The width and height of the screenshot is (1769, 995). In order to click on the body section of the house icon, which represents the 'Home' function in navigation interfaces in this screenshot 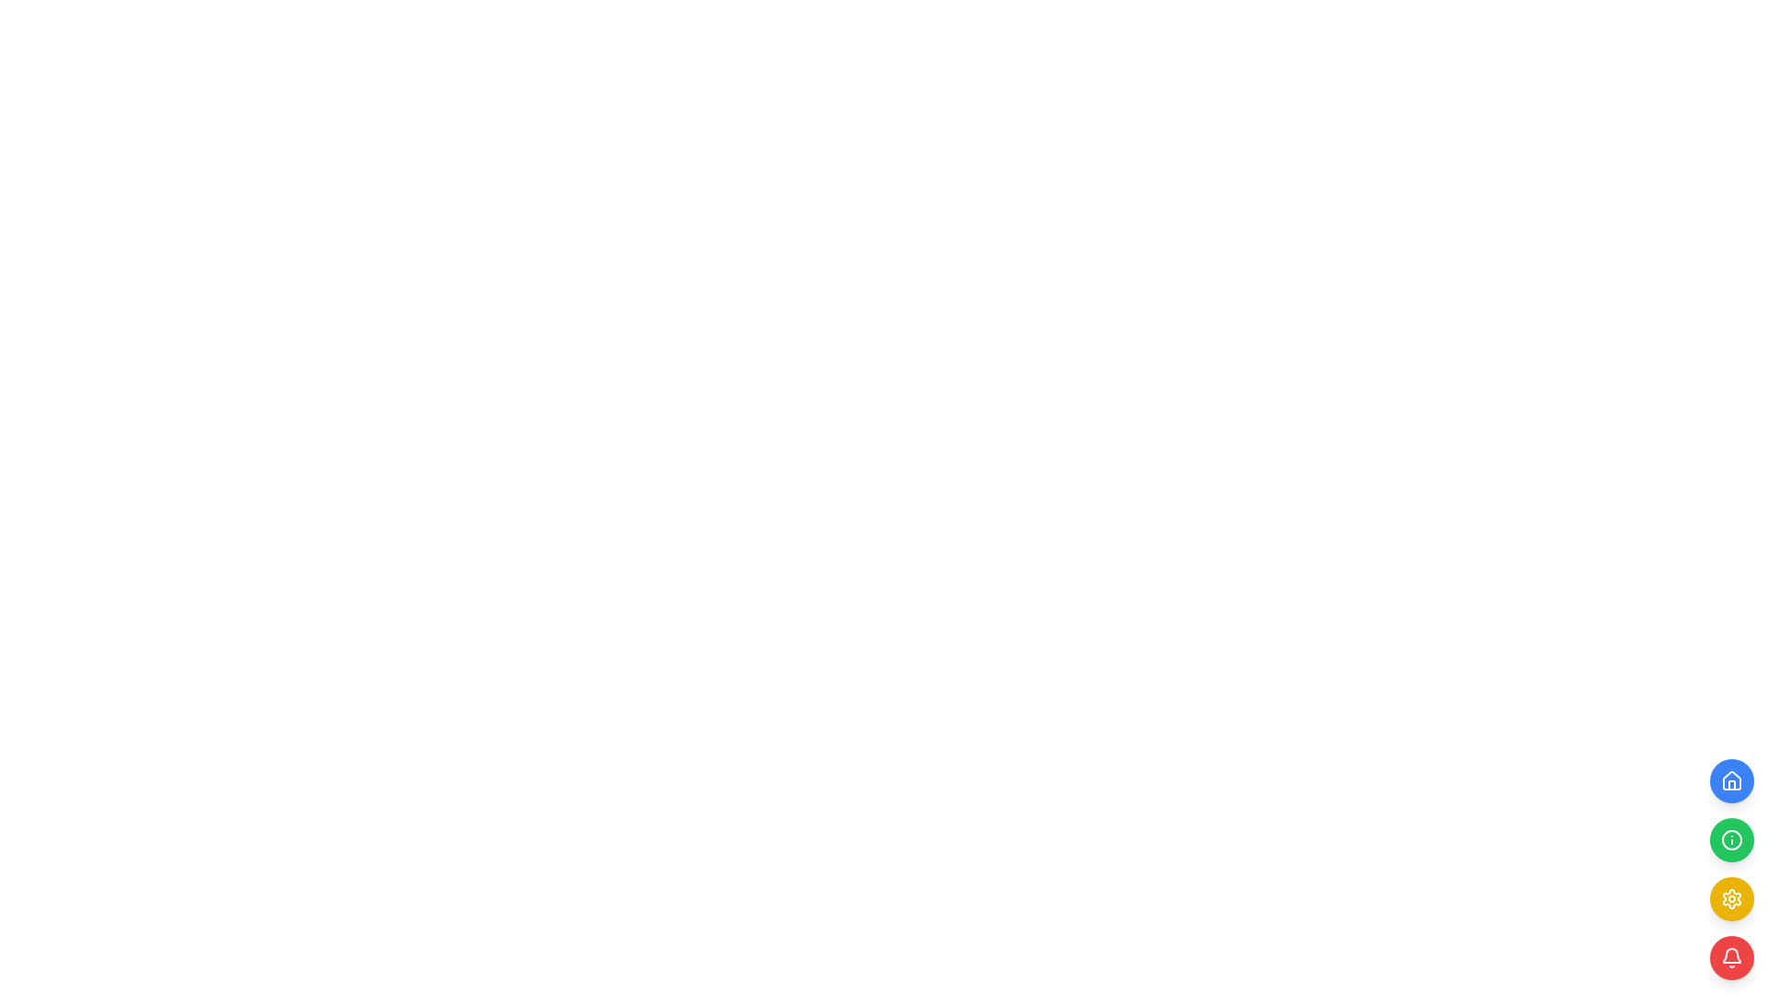, I will do `click(1731, 780)`.